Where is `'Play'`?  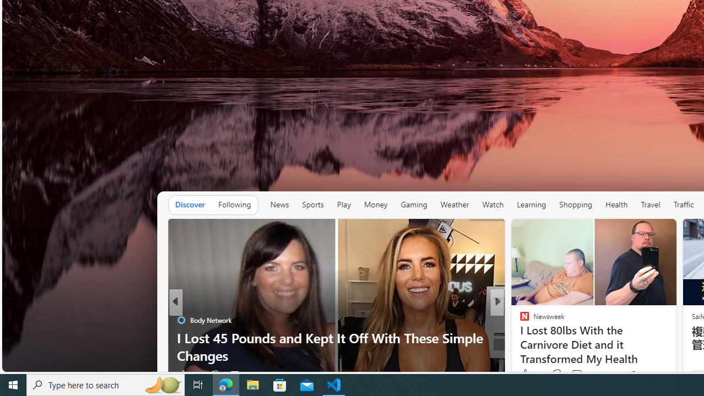
'Play' is located at coordinates (343, 205).